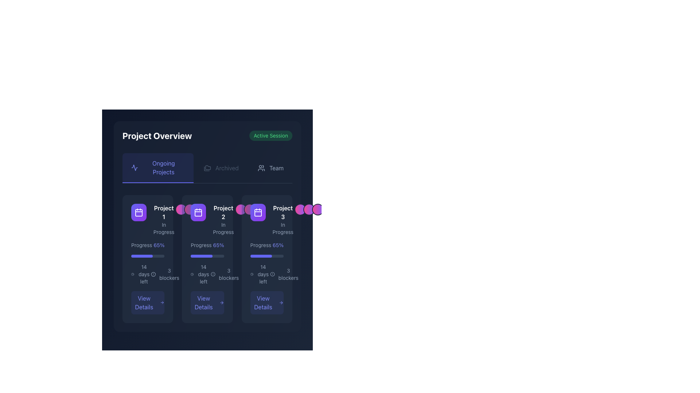  I want to click on the Alert Symbol icon, so click(153, 274).